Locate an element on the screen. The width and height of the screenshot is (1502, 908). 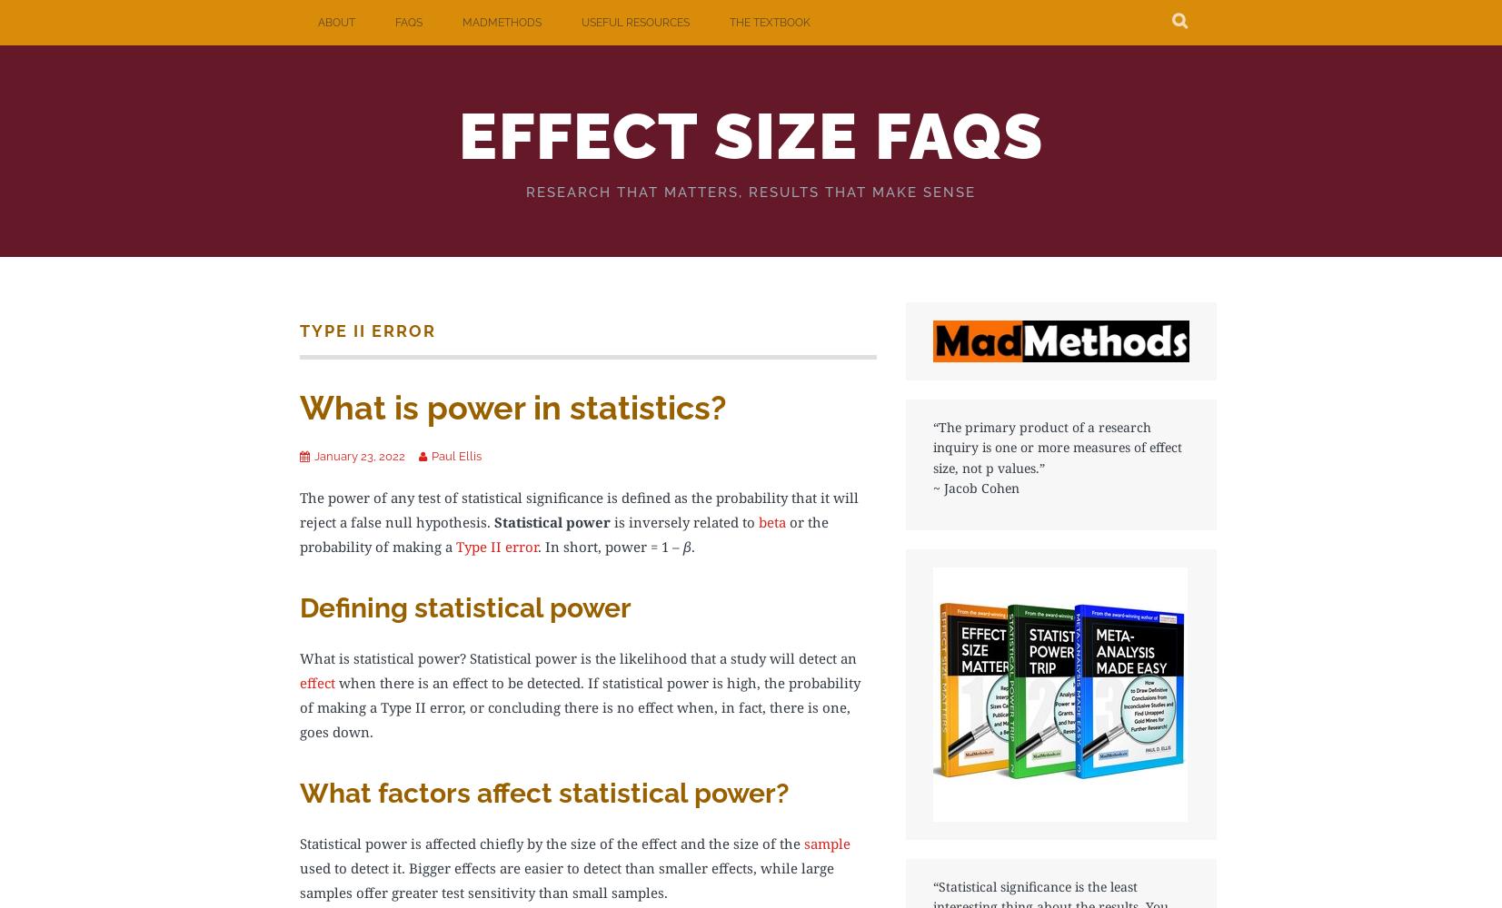
'or the probability of making a' is located at coordinates (562, 532).